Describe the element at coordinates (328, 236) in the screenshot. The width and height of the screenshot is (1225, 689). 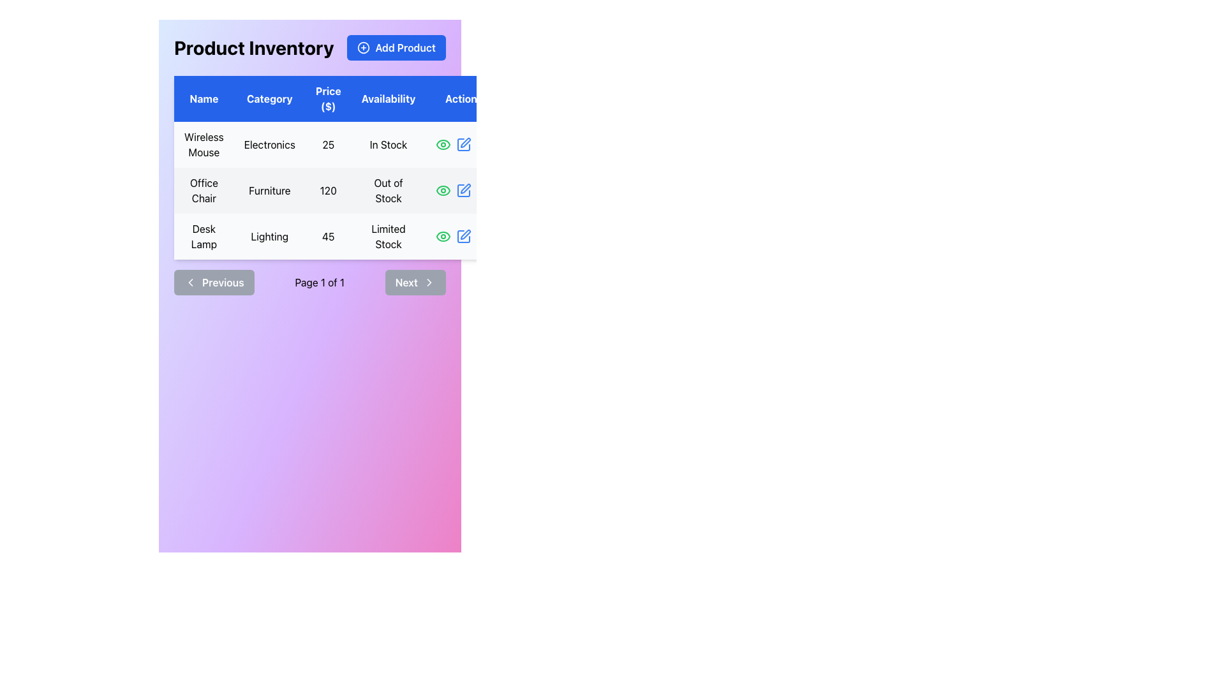
I see `the price display of the 'Desk Lamp' product located in the 'Price ($)' column of the inventory list` at that location.